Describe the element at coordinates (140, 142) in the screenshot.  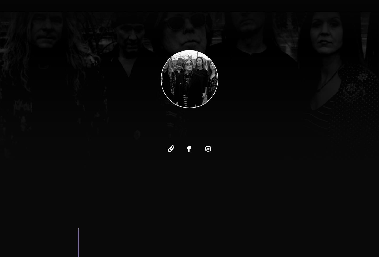
I see `'Feb'` at that location.